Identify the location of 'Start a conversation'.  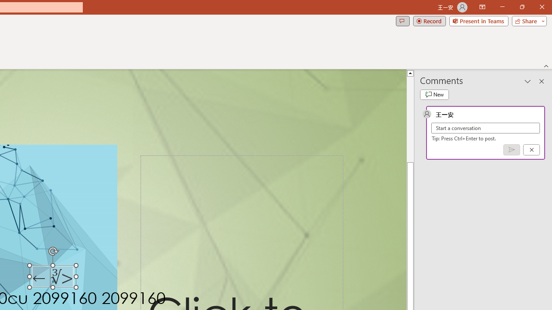
(486, 128).